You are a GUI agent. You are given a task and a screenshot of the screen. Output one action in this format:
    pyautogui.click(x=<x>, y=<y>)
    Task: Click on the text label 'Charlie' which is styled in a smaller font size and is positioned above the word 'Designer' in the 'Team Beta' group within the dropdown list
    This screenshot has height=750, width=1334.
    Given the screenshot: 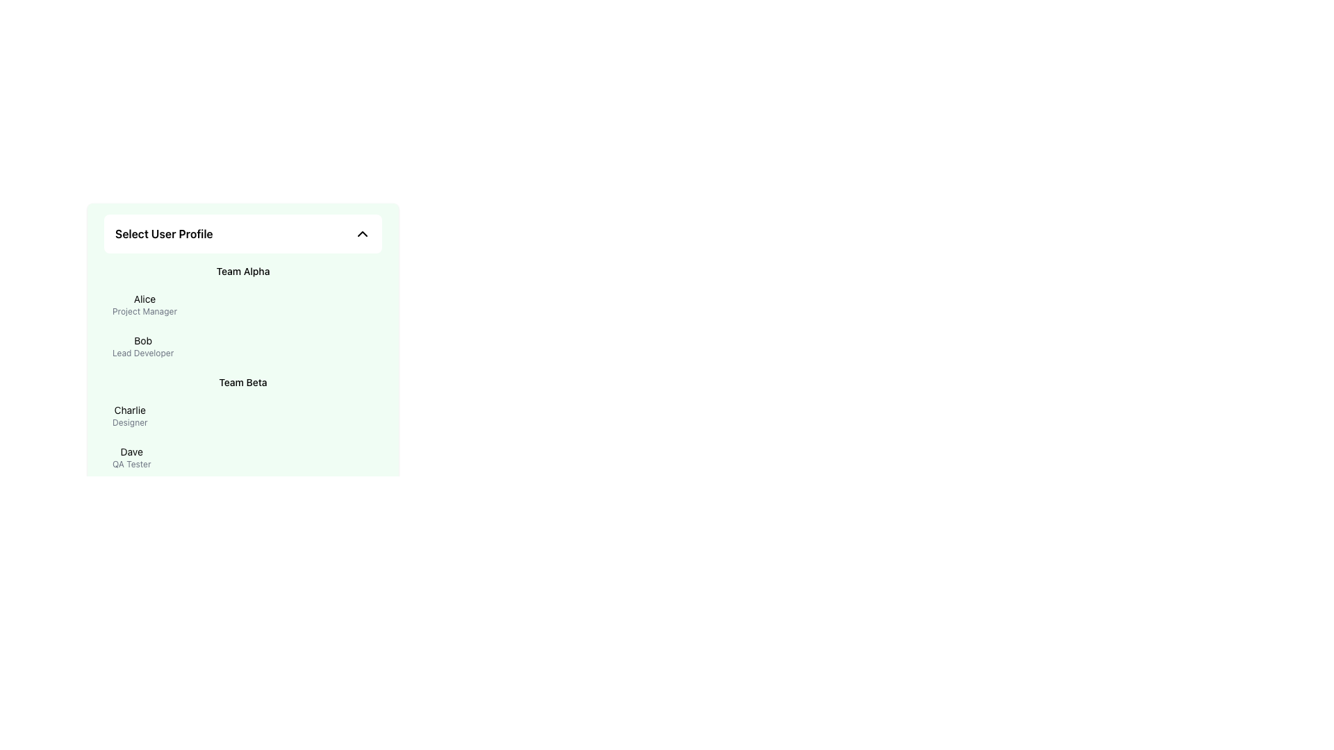 What is the action you would take?
    pyautogui.click(x=130, y=409)
    